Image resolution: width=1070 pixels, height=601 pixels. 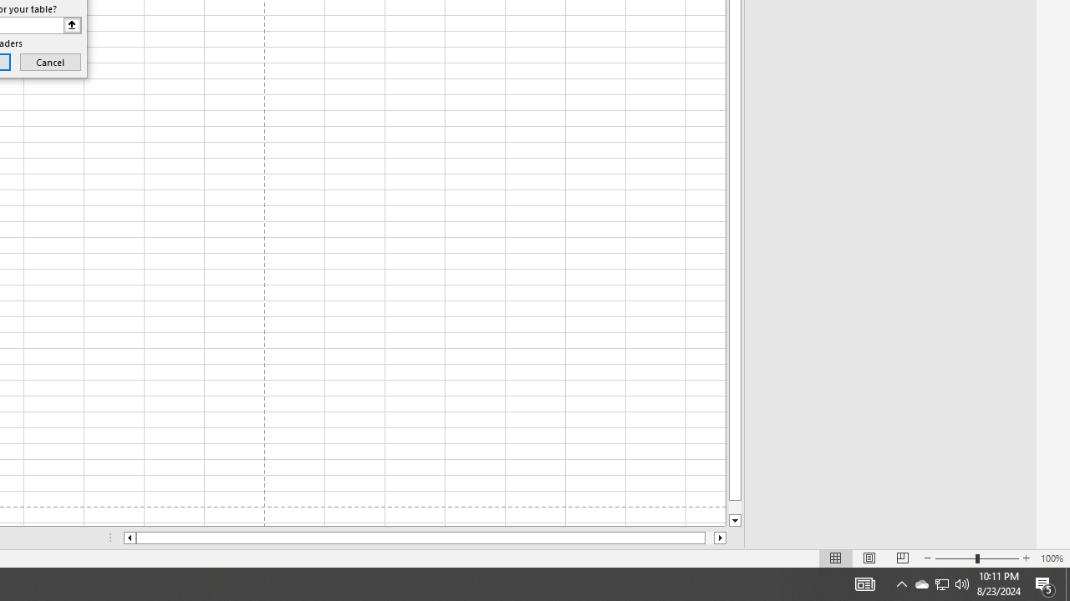 What do you see at coordinates (709, 538) in the screenshot?
I see `'Page right'` at bounding box center [709, 538].